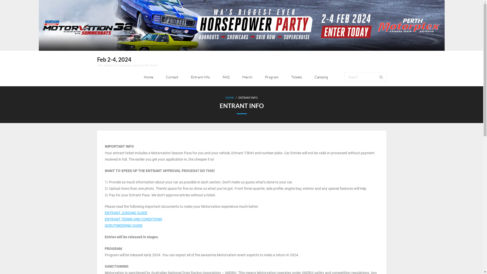 This screenshot has width=487, height=274. What do you see at coordinates (126, 213) in the screenshot?
I see `'ENTRANT JUDGING GUIDE'` at bounding box center [126, 213].